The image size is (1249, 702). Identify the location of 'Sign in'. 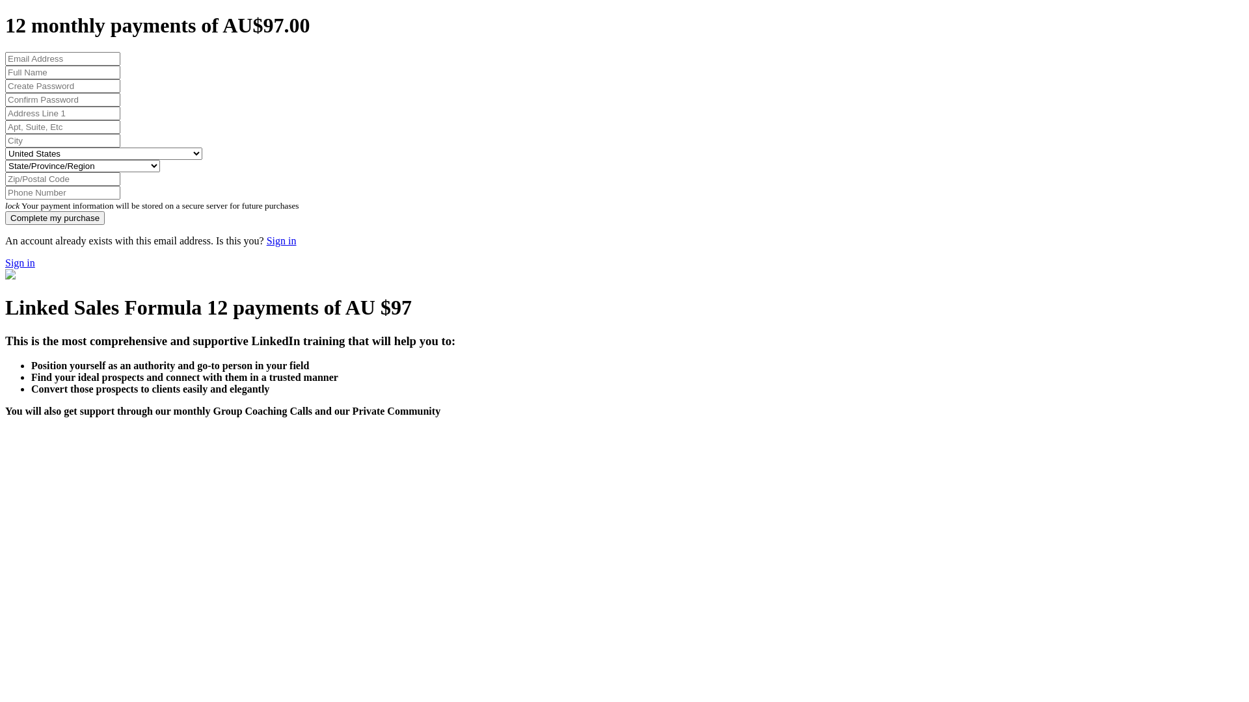
(280, 240).